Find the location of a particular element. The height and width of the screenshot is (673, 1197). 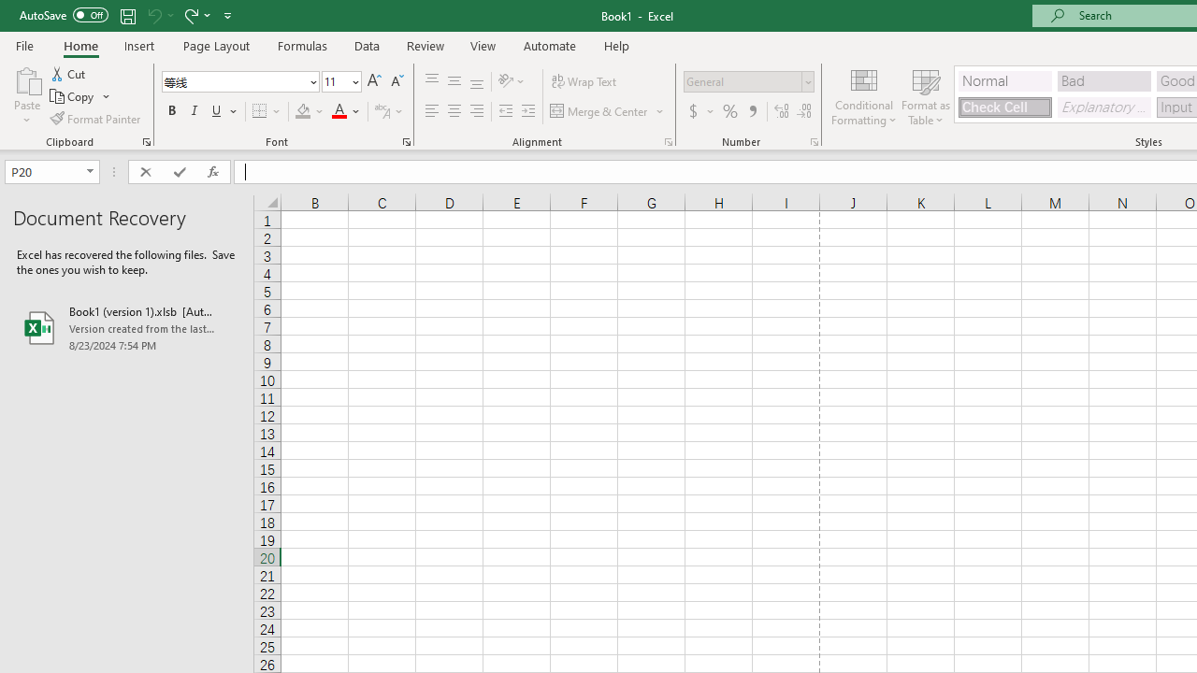

'Increase Font Size' is located at coordinates (374, 80).